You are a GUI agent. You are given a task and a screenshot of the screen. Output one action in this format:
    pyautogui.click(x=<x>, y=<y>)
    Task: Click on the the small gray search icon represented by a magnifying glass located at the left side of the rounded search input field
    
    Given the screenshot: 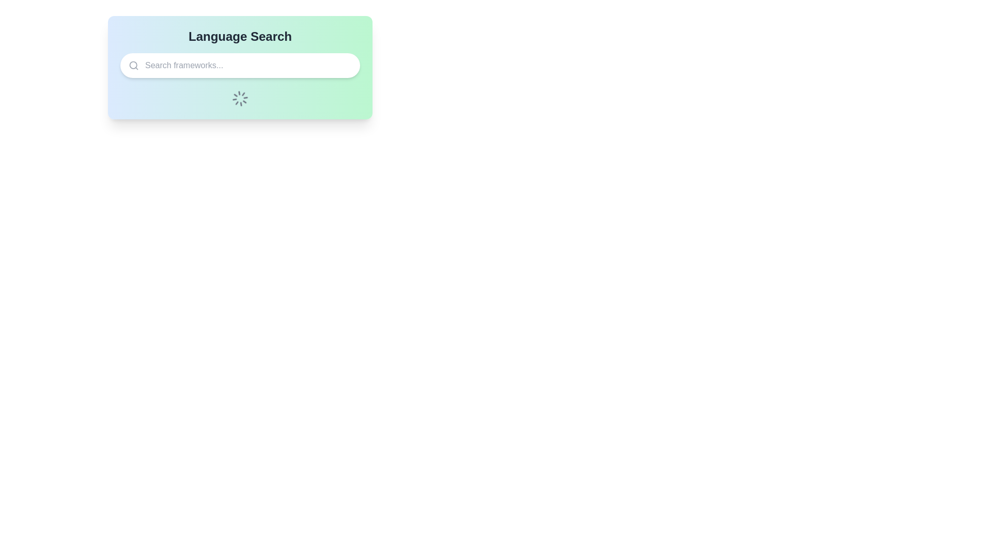 What is the action you would take?
    pyautogui.click(x=133, y=66)
    